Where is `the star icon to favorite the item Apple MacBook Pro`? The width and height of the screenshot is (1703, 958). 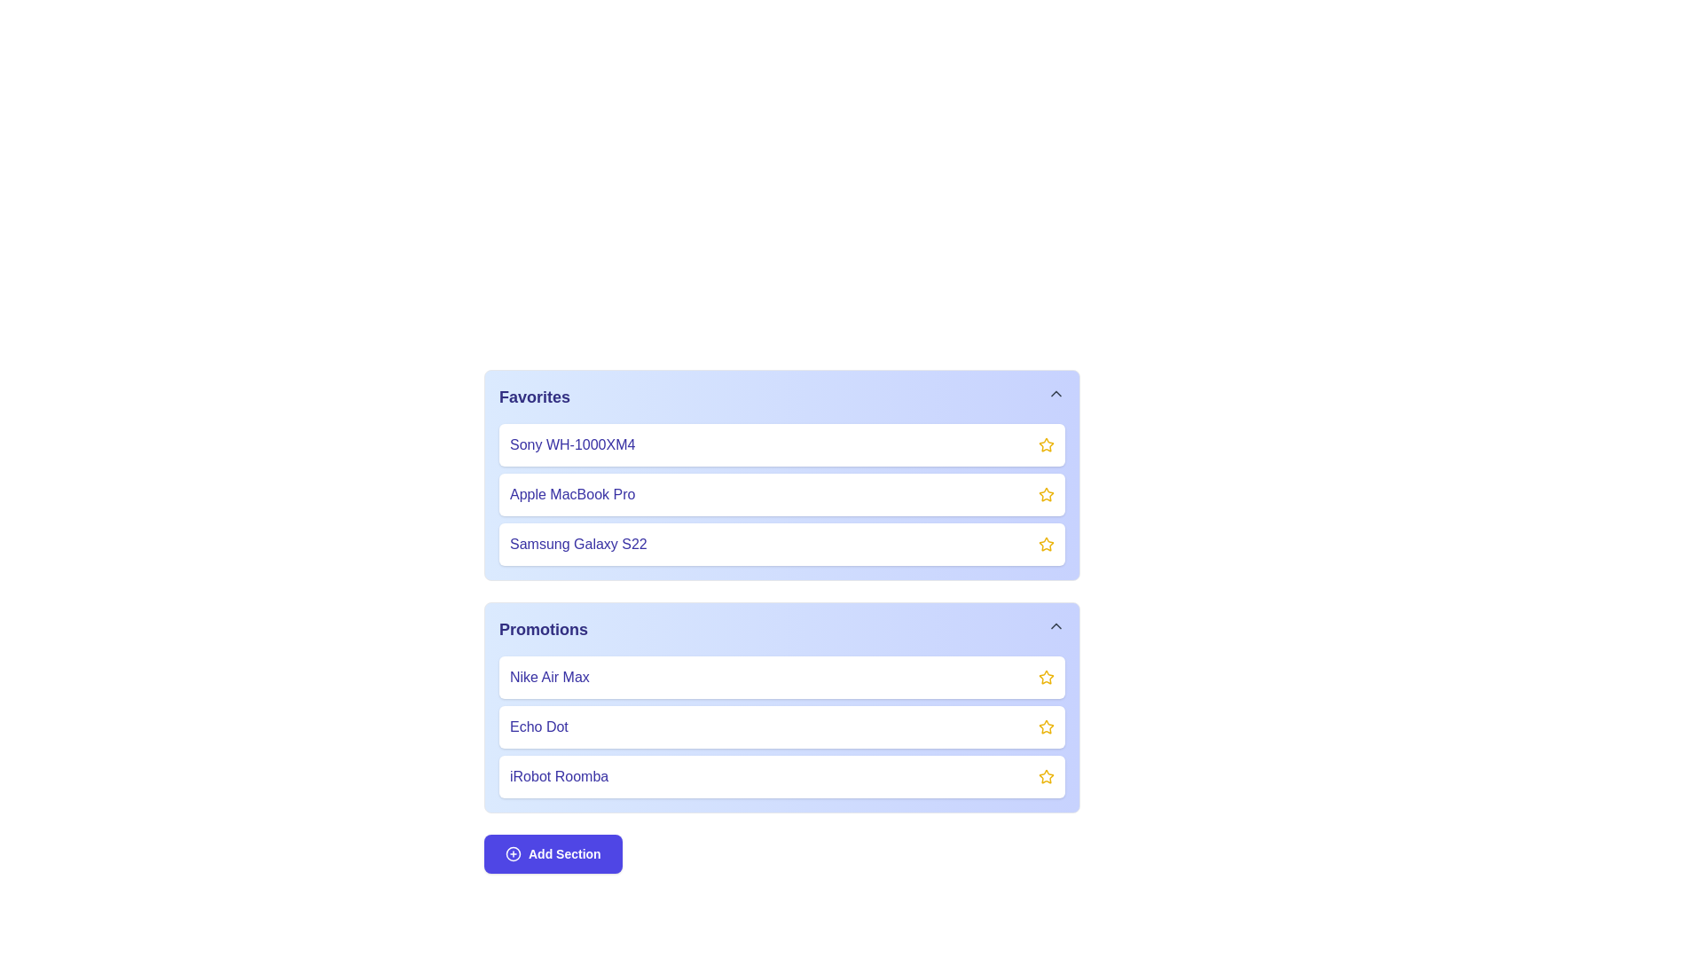 the star icon to favorite the item Apple MacBook Pro is located at coordinates (1047, 495).